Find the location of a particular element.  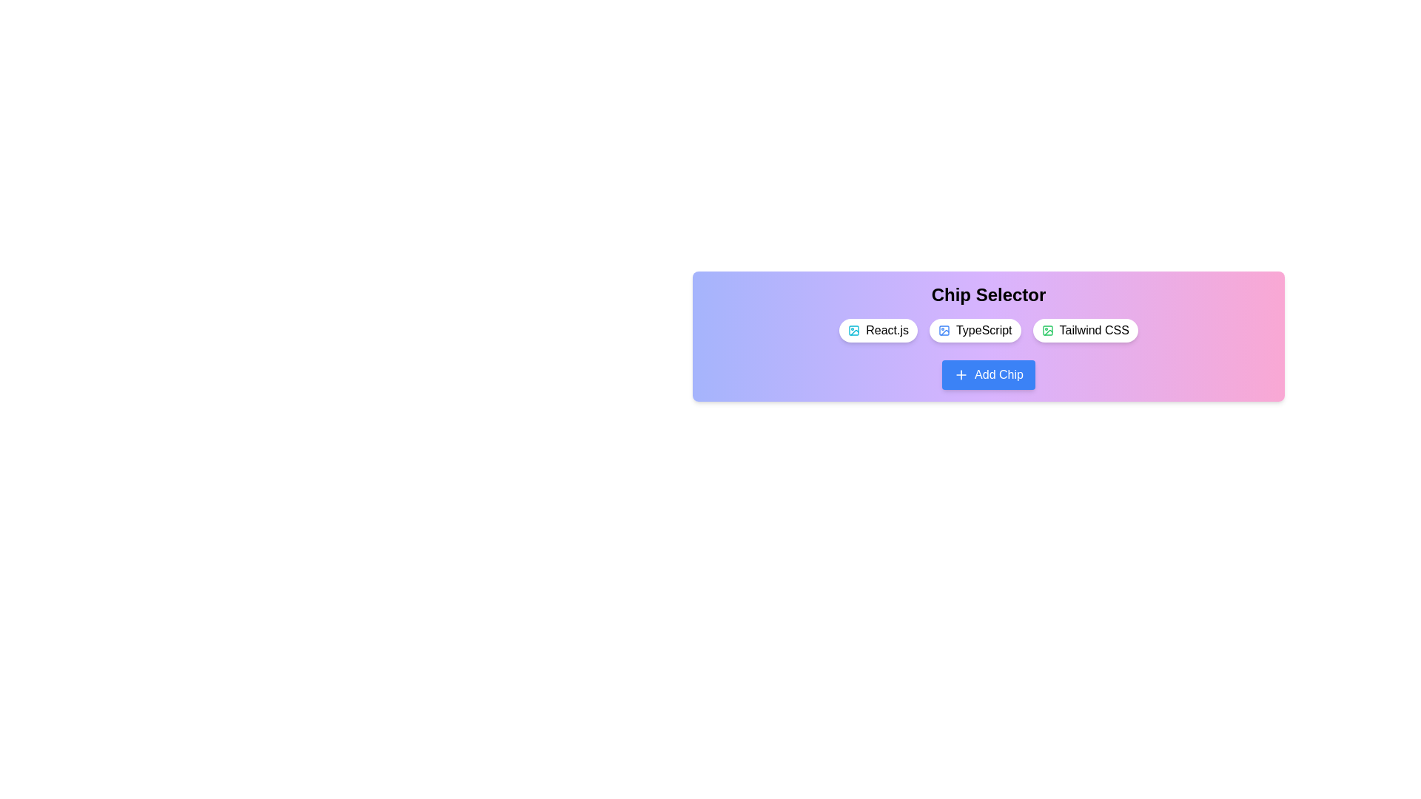

the individual chips in the Chip Selector located below the header and above the 'Add Chip' button is located at coordinates (988, 330).